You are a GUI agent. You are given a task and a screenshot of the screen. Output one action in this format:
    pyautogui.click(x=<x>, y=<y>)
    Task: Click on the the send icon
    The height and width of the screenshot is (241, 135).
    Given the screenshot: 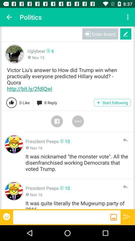 What is the action you would take?
    pyautogui.click(x=127, y=216)
    